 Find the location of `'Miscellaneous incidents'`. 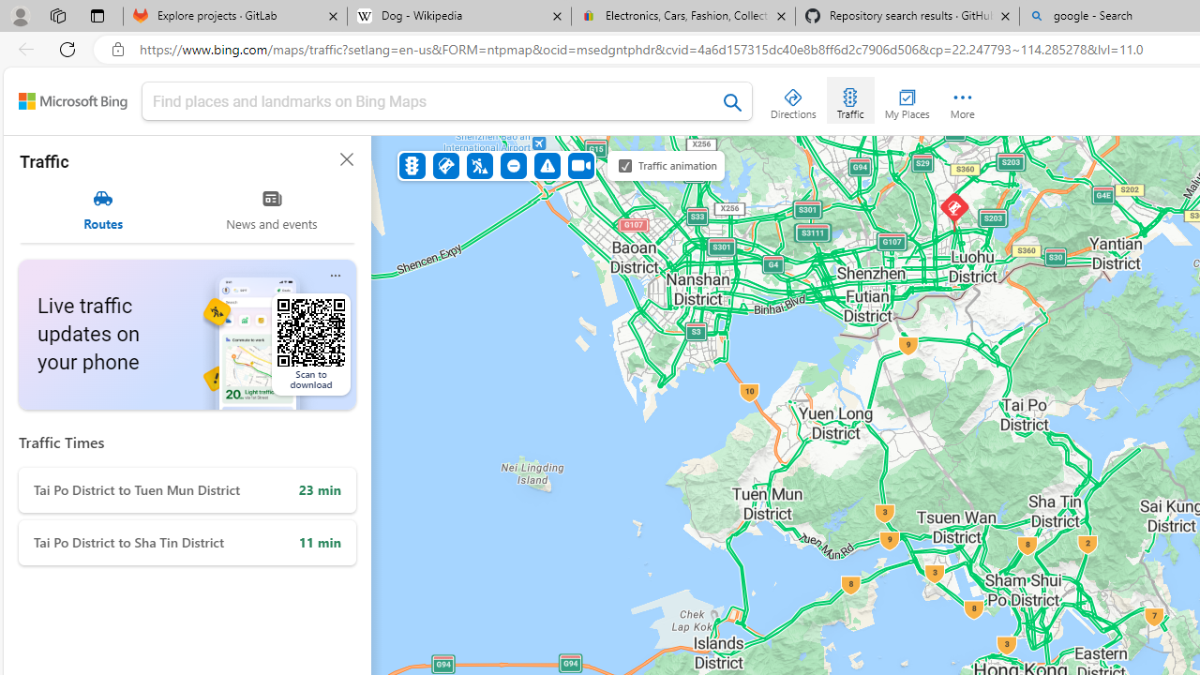

'Miscellaneous incidents' is located at coordinates (546, 164).